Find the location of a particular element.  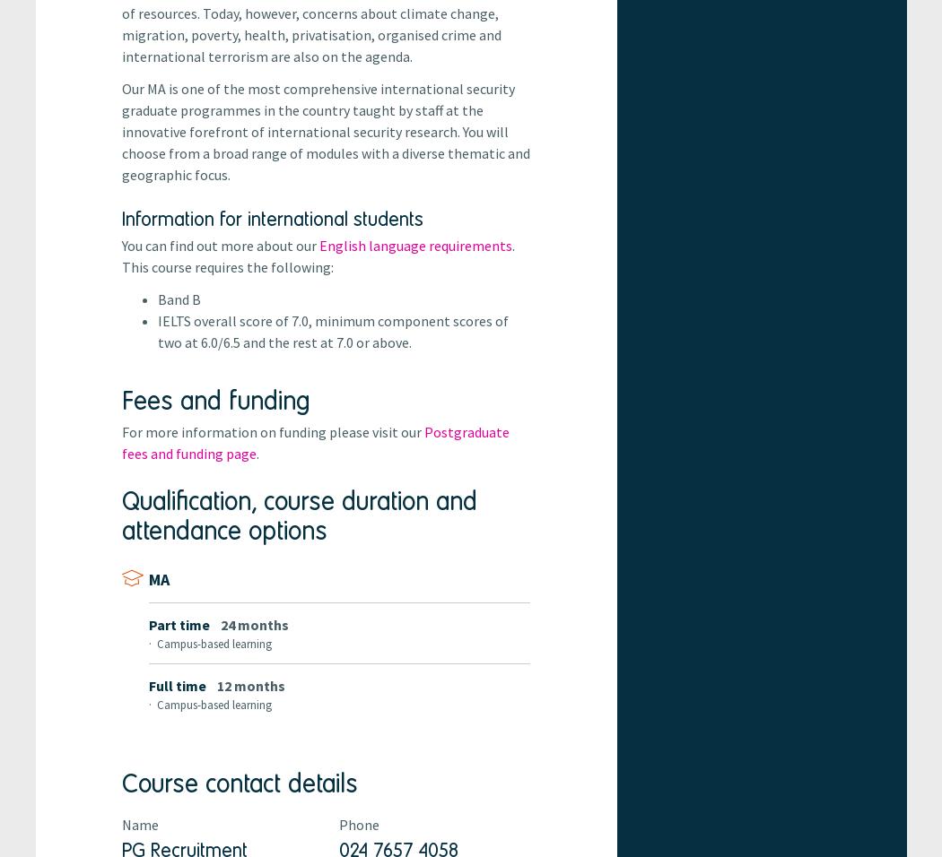

'12 months' is located at coordinates (249, 684).